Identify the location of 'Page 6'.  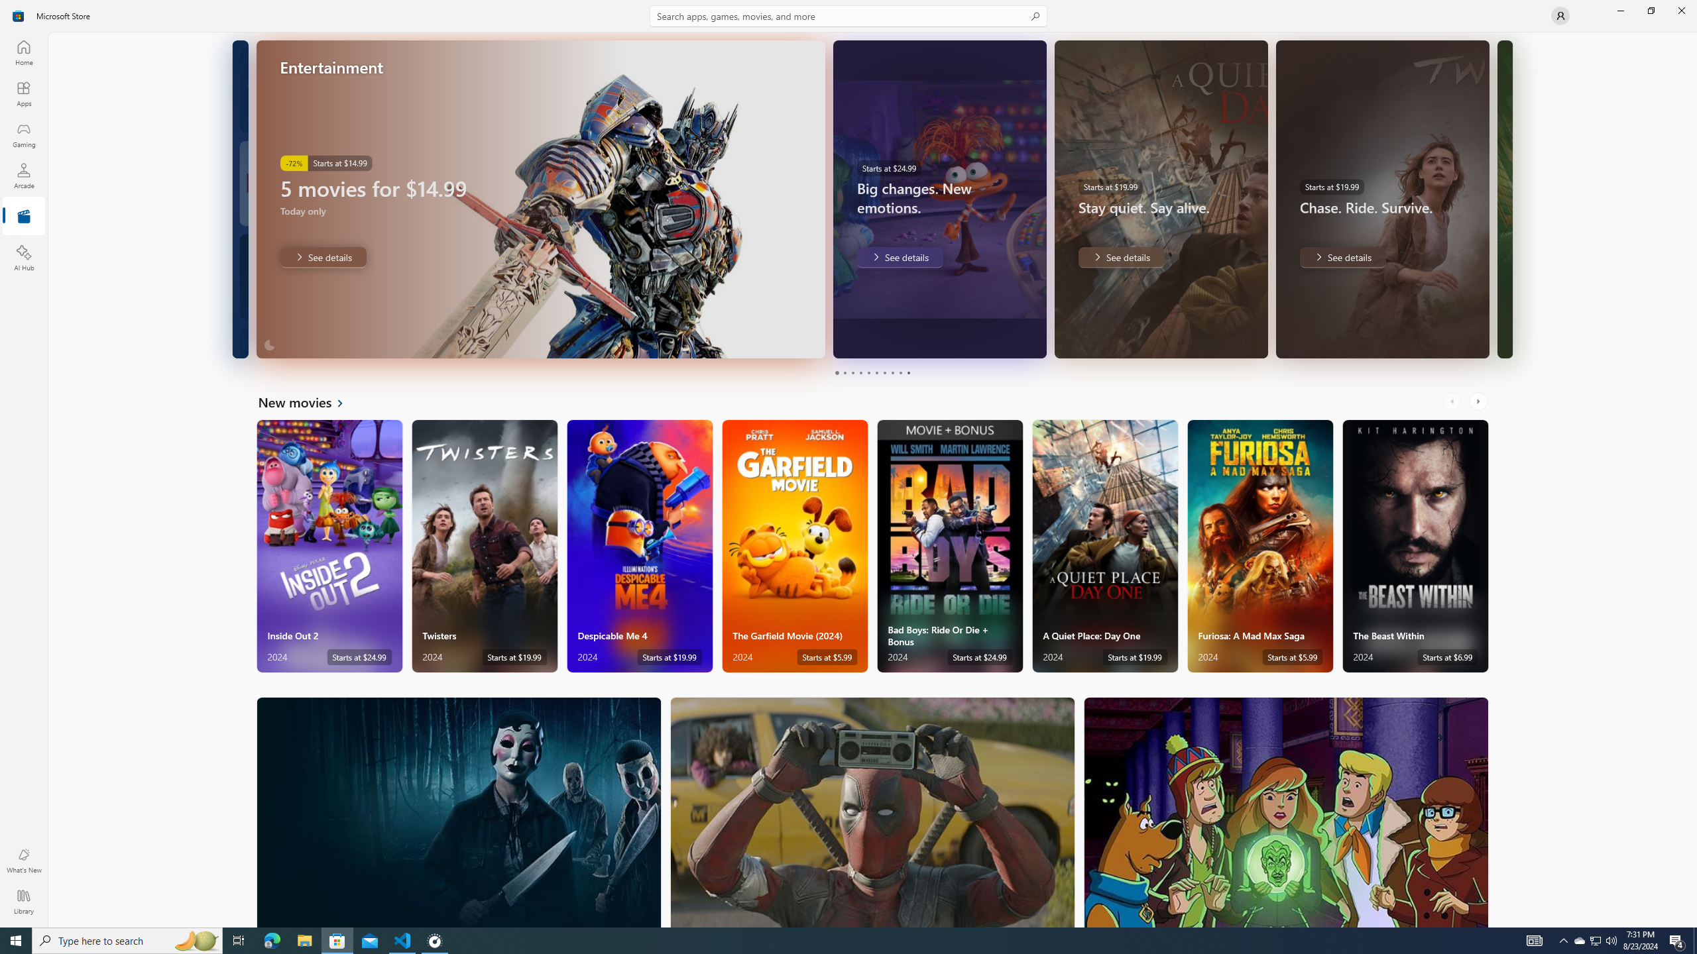
(876, 372).